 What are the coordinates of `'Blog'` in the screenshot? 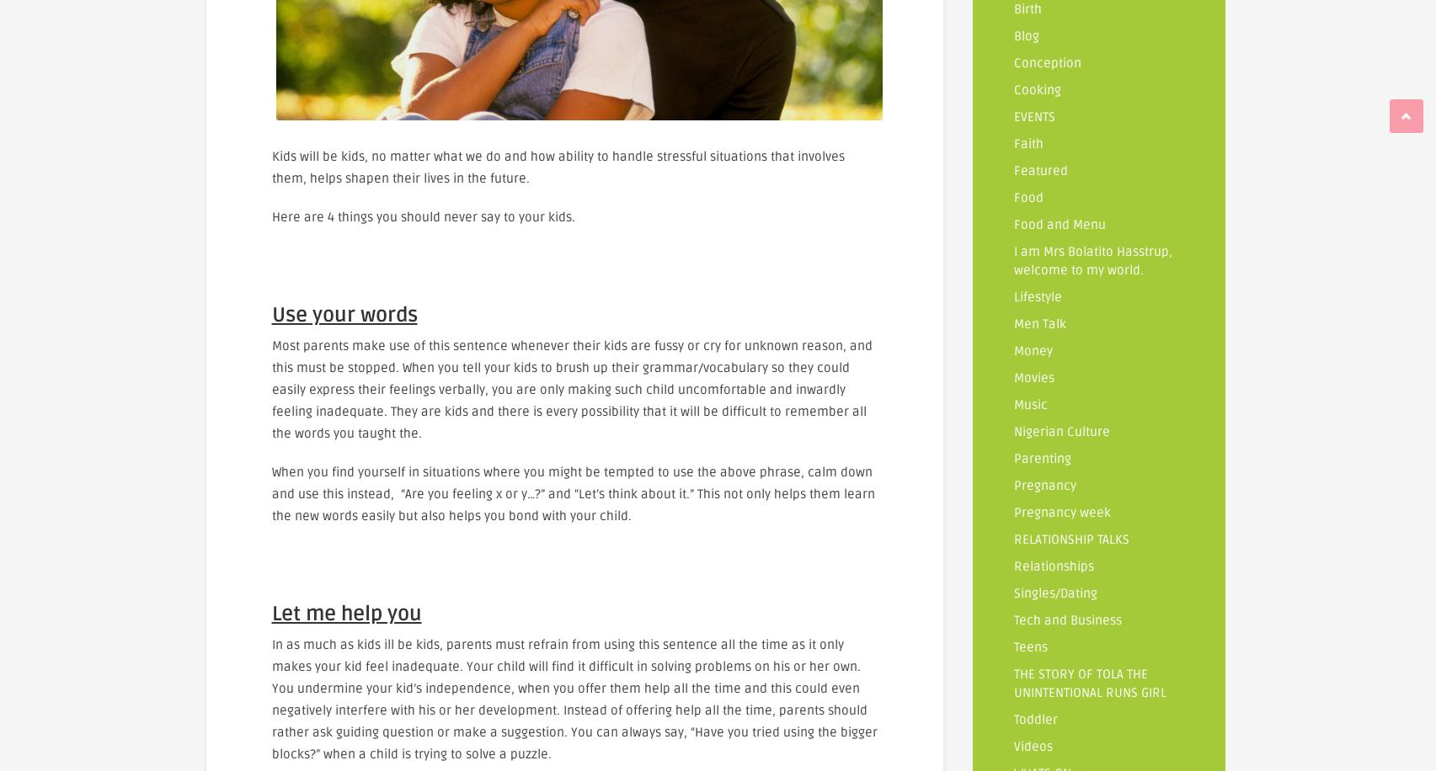 It's located at (1027, 35).